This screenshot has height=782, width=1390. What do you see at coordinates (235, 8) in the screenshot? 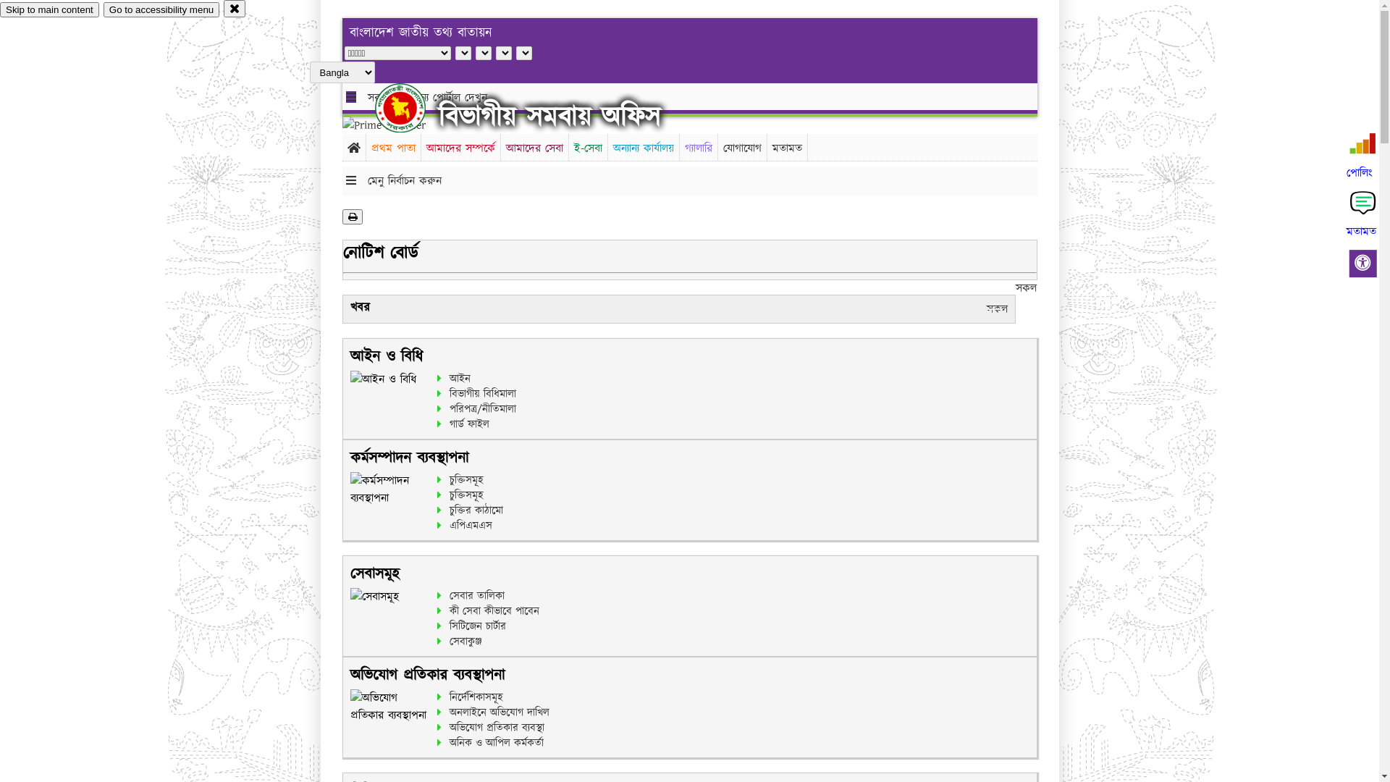
I see `'close'` at bounding box center [235, 8].